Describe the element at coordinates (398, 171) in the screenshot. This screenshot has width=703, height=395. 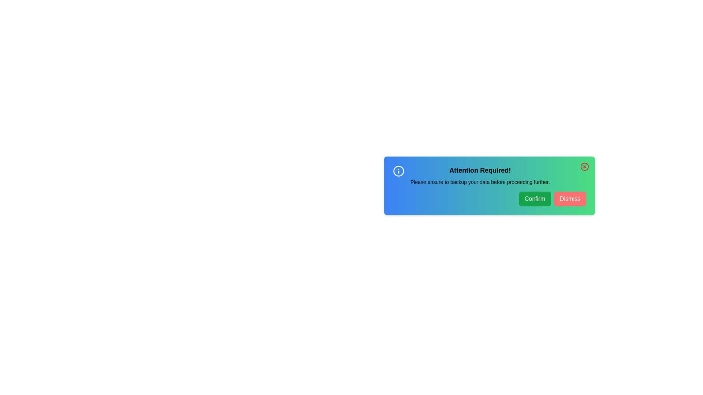
I see `the informational icon to interact with it` at that location.